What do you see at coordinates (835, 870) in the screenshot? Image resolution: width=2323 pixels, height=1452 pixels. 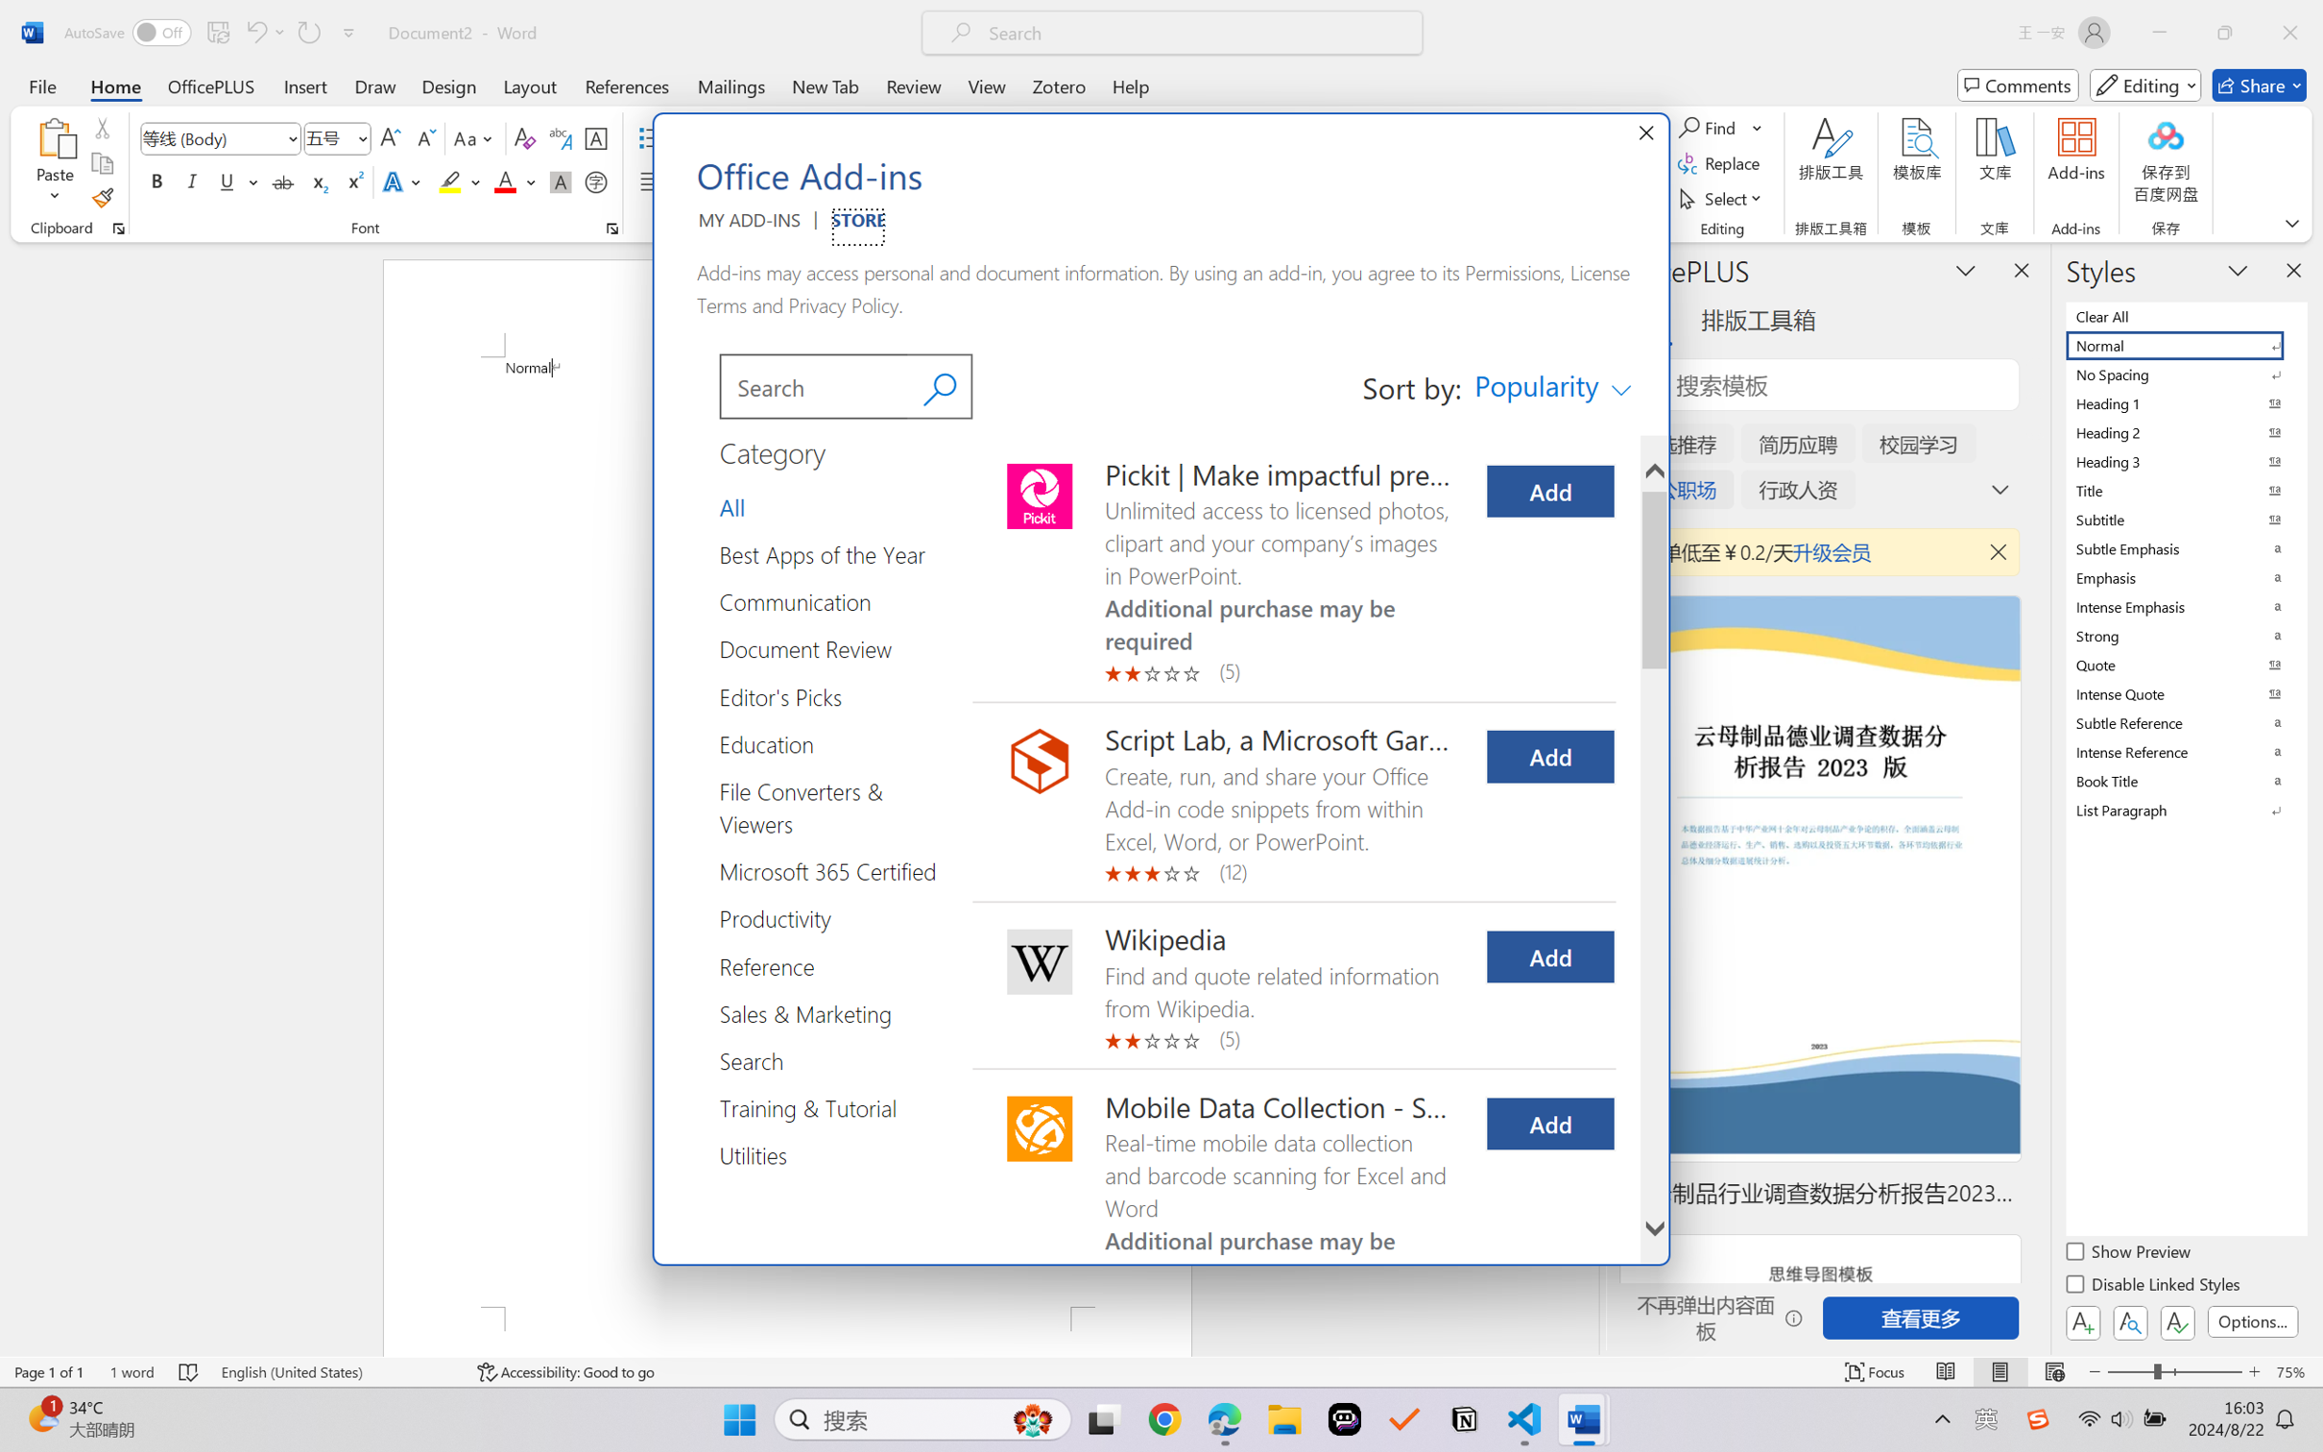 I see `'Category Group Microsoft 365 Certified 8 of 14'` at bounding box center [835, 870].